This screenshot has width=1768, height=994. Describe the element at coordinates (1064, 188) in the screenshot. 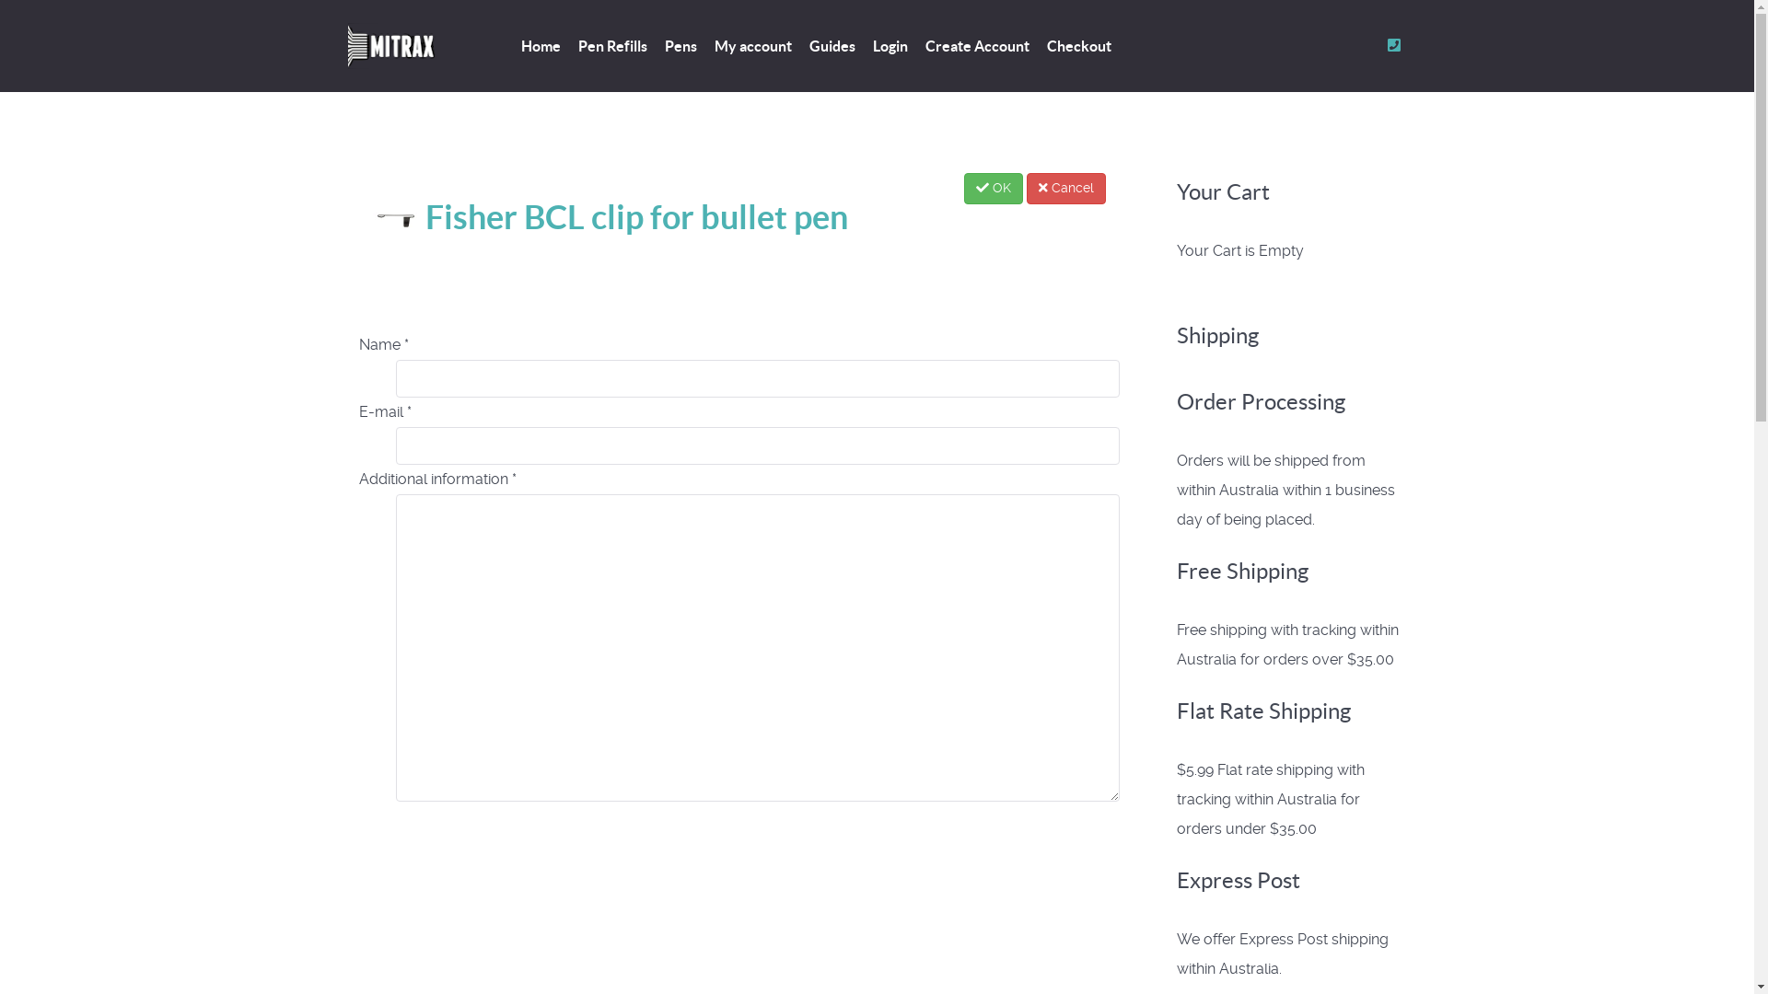

I see `'Cancel'` at that location.